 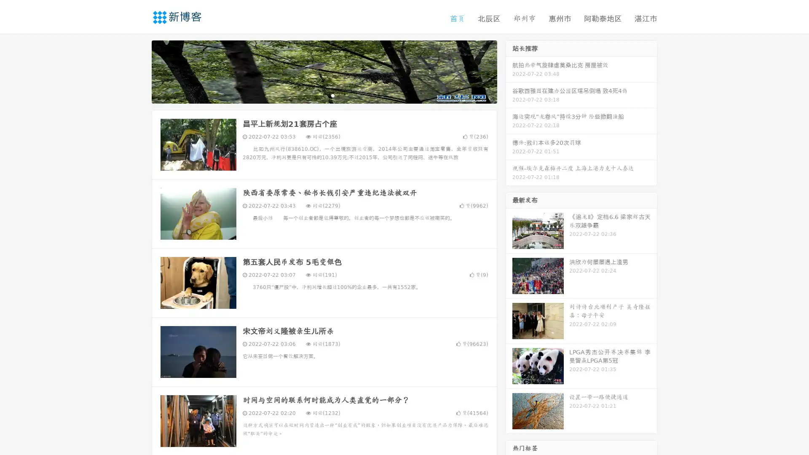 I want to click on Go to slide 3, so click(x=332, y=95).